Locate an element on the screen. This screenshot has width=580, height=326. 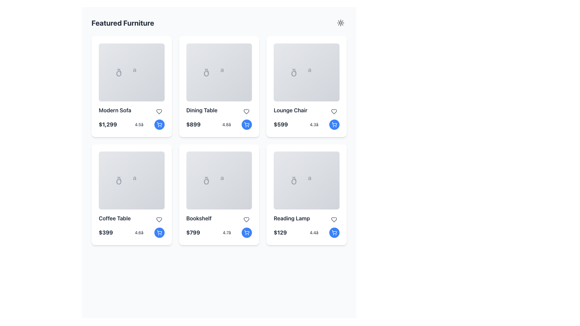
the textual information element displaying the price ('$899') and rating ('4.8★') located in the second card of the 'Featured Furniture' section for reading is located at coordinates (219, 124).